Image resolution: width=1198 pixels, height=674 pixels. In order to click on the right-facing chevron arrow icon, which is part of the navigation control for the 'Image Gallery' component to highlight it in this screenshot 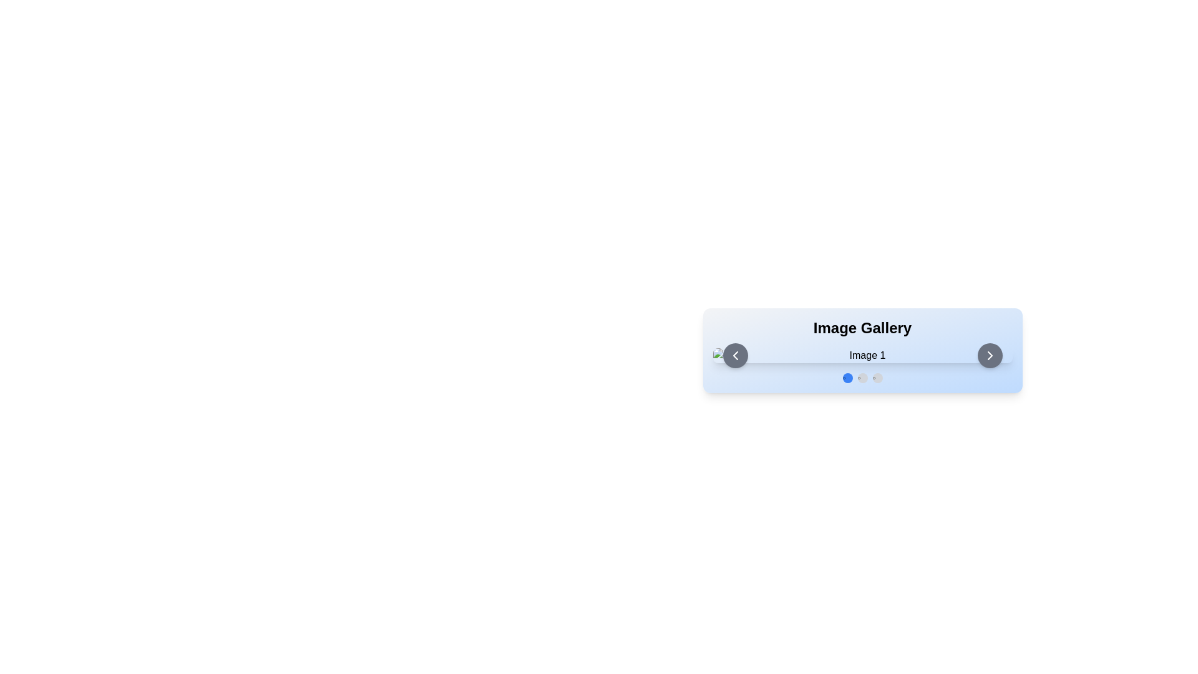, I will do `click(989, 356)`.